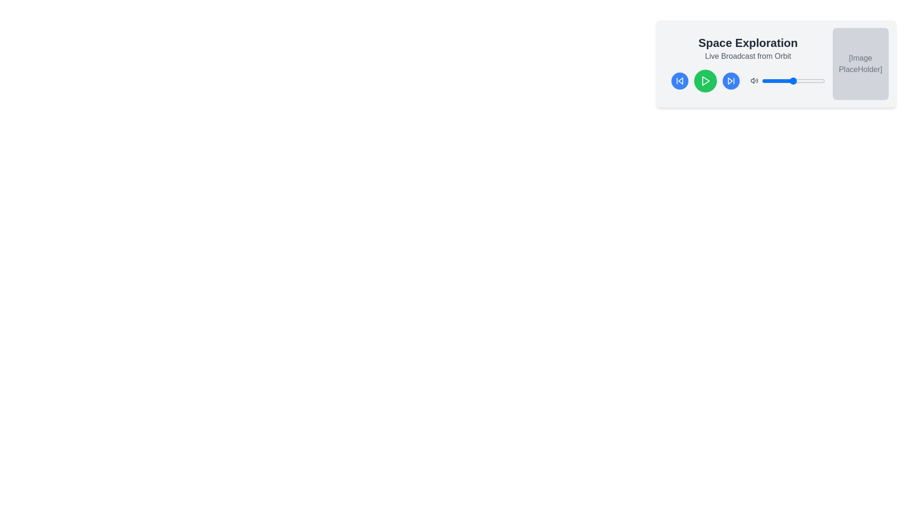 This screenshot has width=911, height=512. What do you see at coordinates (802, 80) in the screenshot?
I see `slider value` at bounding box center [802, 80].